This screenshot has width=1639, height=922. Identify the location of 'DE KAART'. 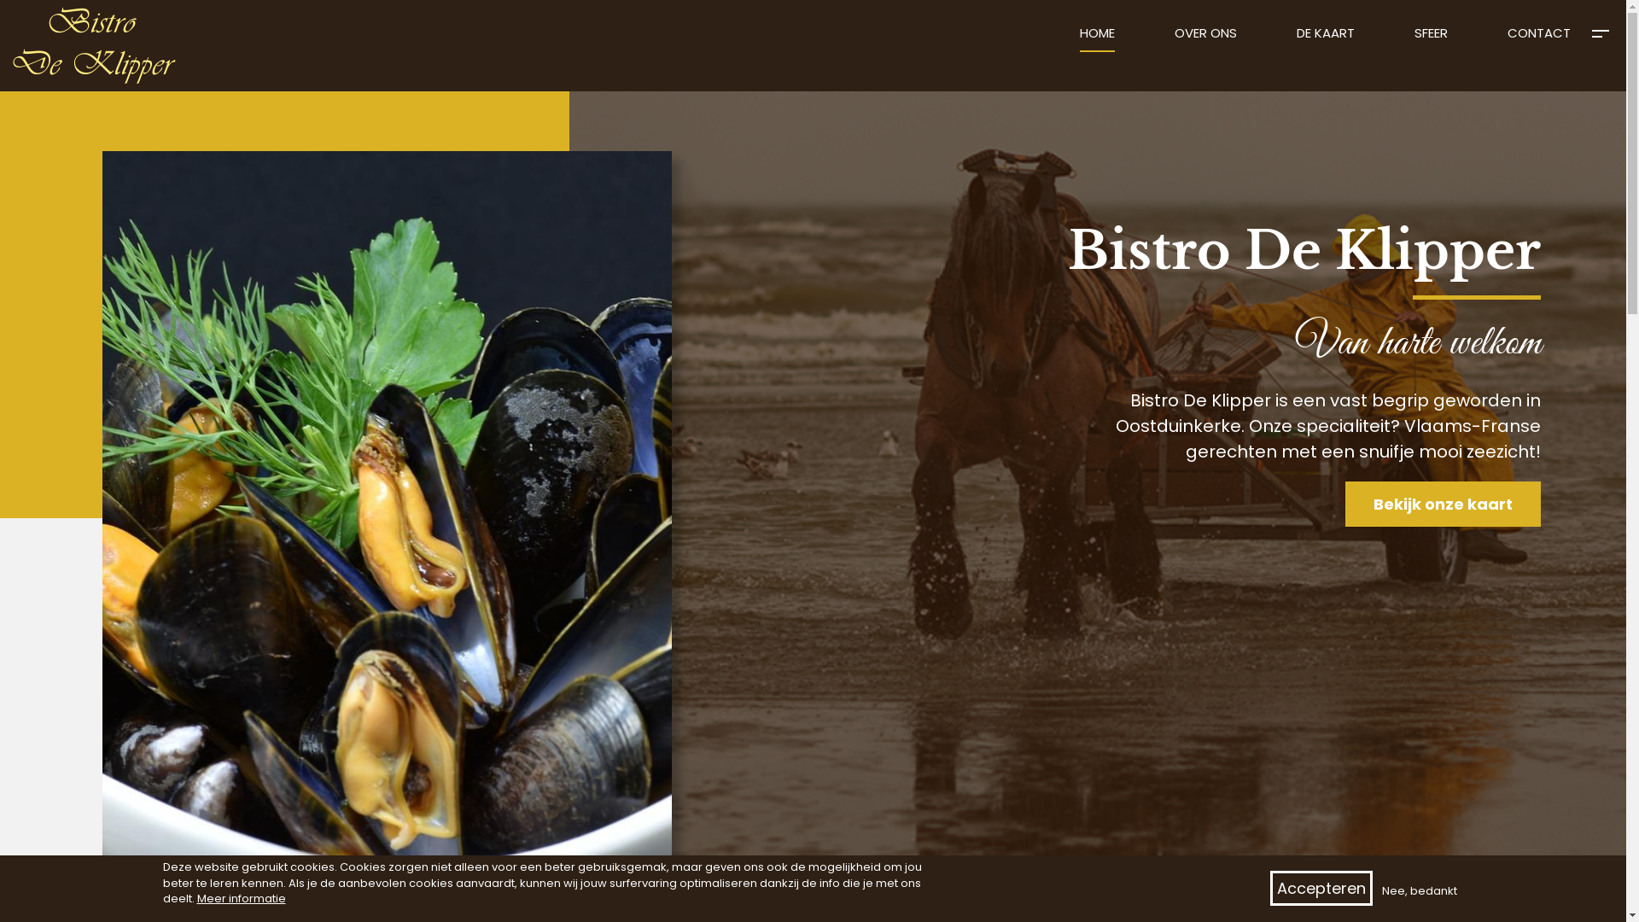
(1325, 38).